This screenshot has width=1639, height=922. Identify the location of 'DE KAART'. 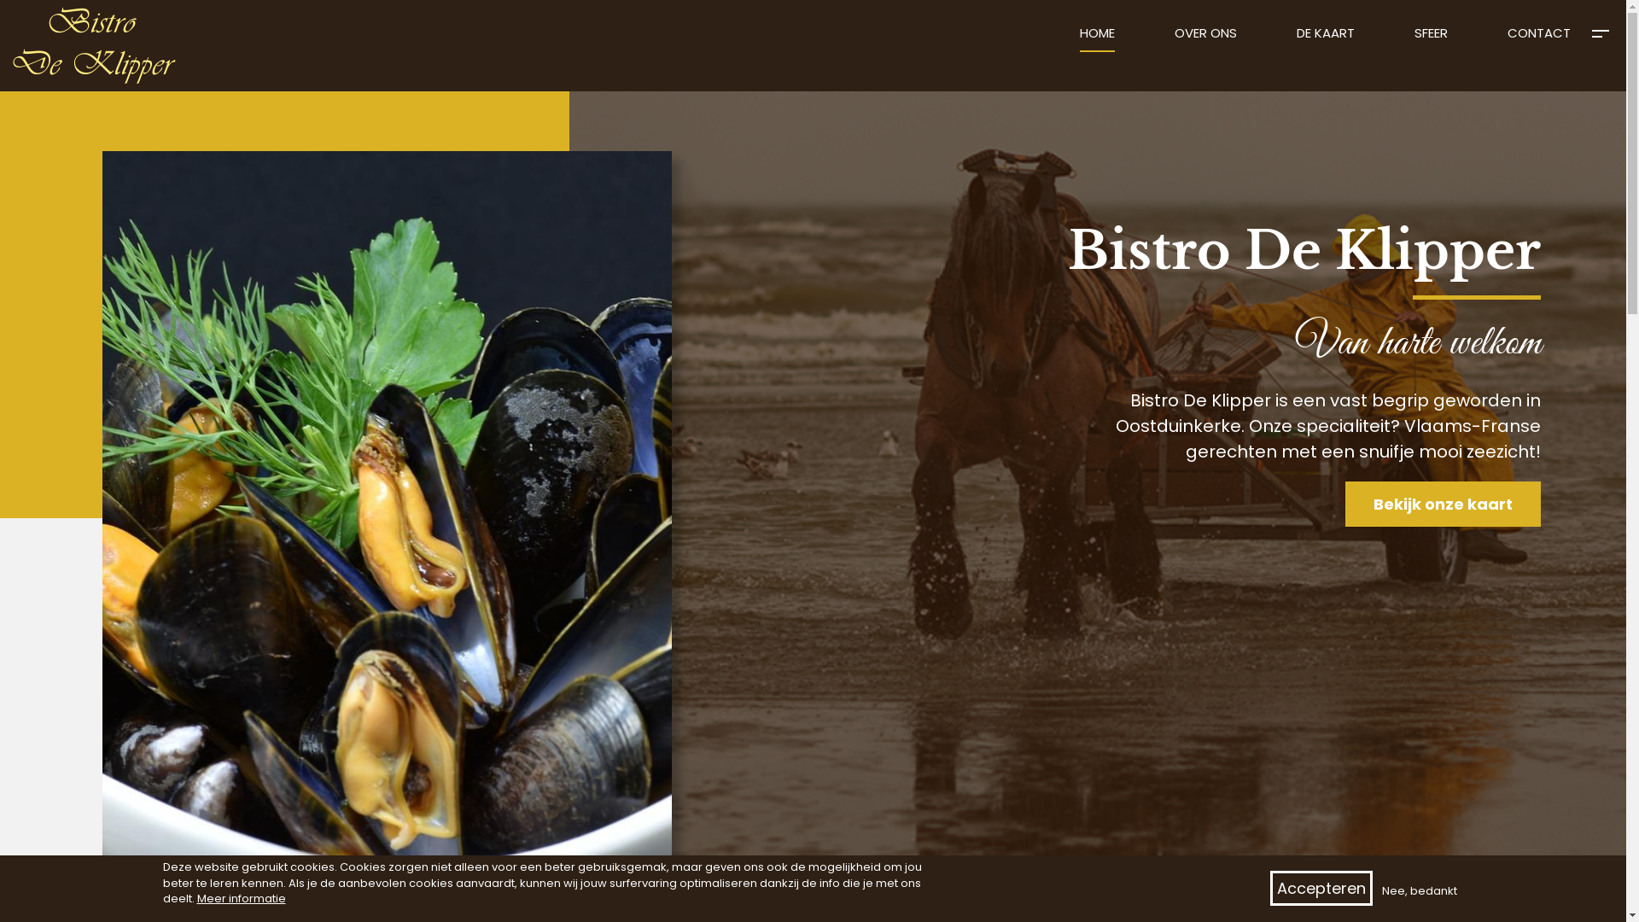
(1325, 38).